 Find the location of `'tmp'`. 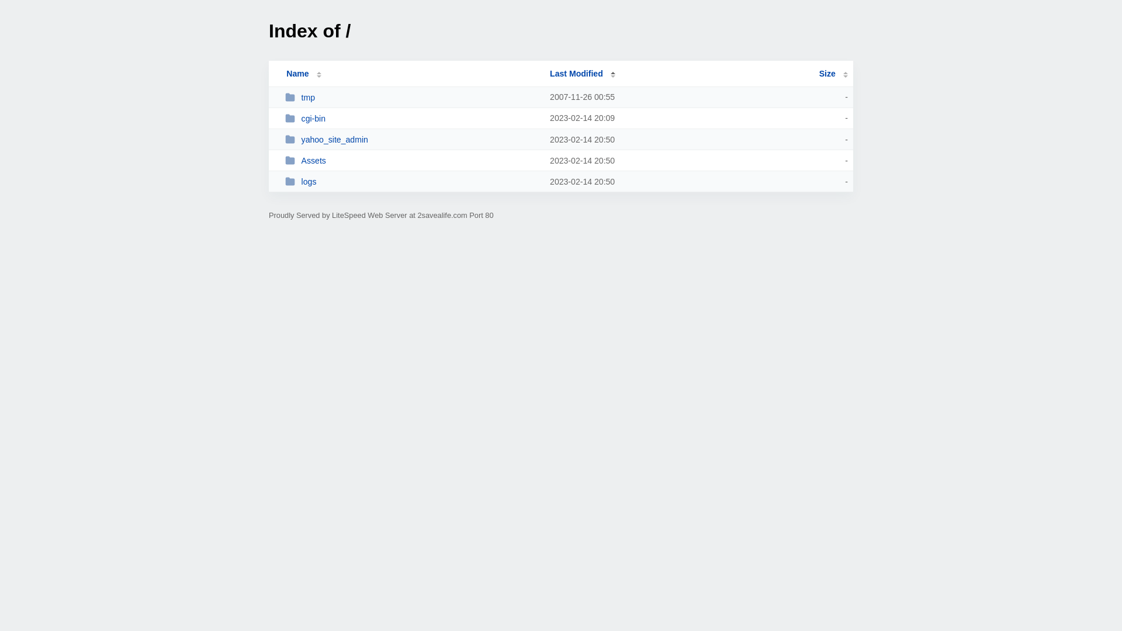

'tmp' is located at coordinates (285, 96).